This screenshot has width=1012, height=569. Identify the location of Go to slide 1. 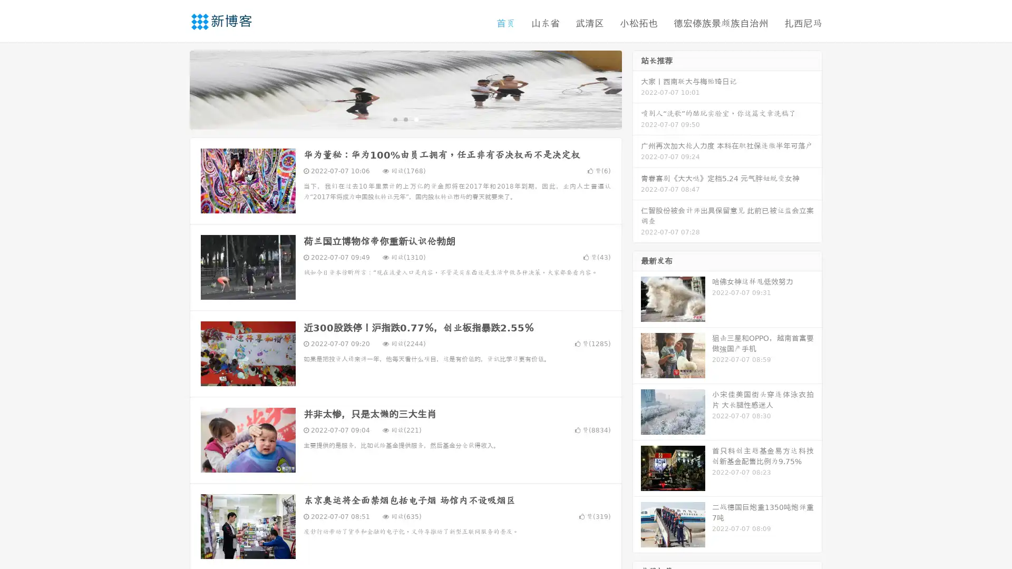
(394, 119).